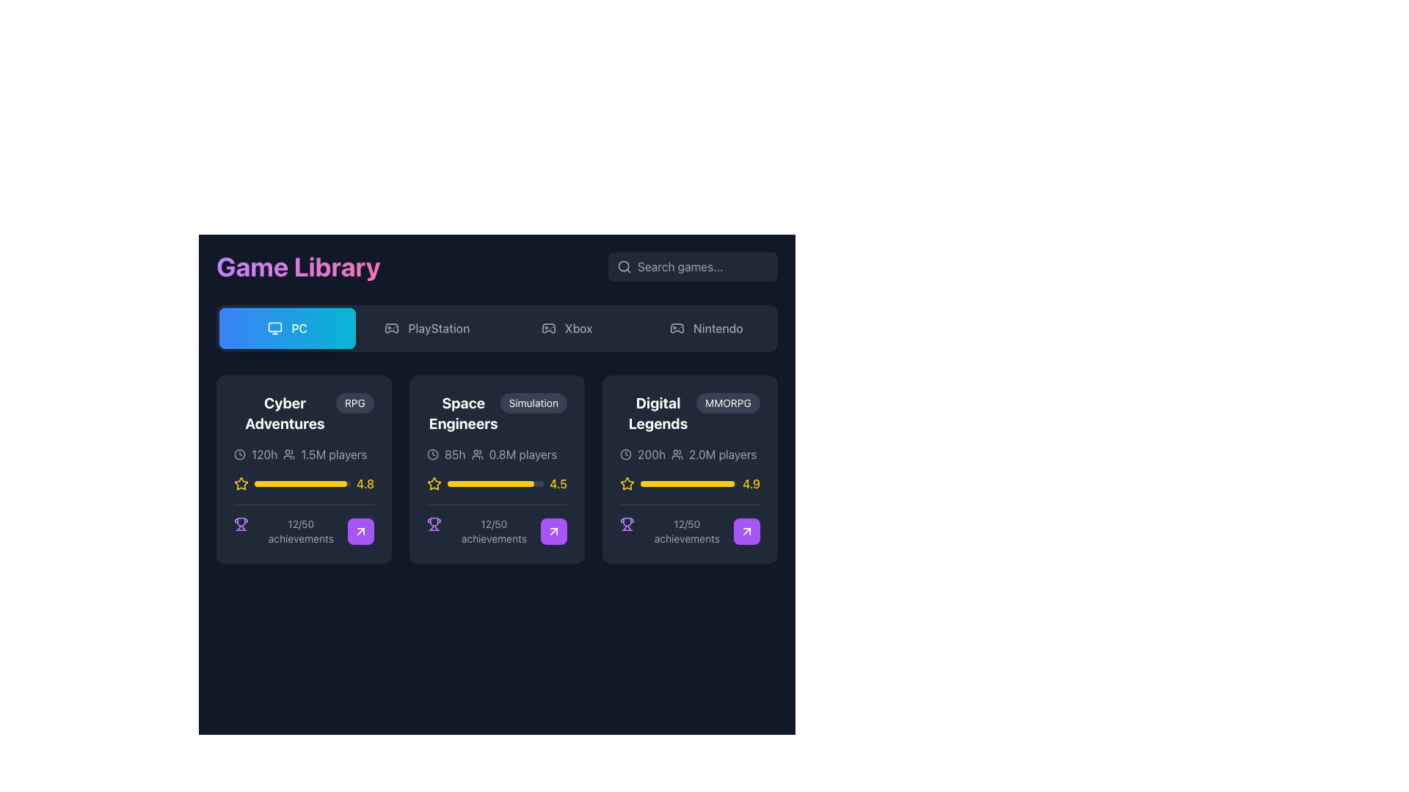 This screenshot has height=792, width=1409. I want to click on the gaming controller icon located in the navigation bar adjacent to the 'Nintendo' text, so click(676, 327).